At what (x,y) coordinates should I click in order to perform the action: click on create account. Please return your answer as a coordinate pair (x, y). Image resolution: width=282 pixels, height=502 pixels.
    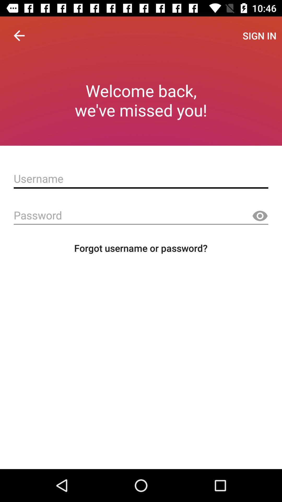
    Looking at the image, I should click on (141, 179).